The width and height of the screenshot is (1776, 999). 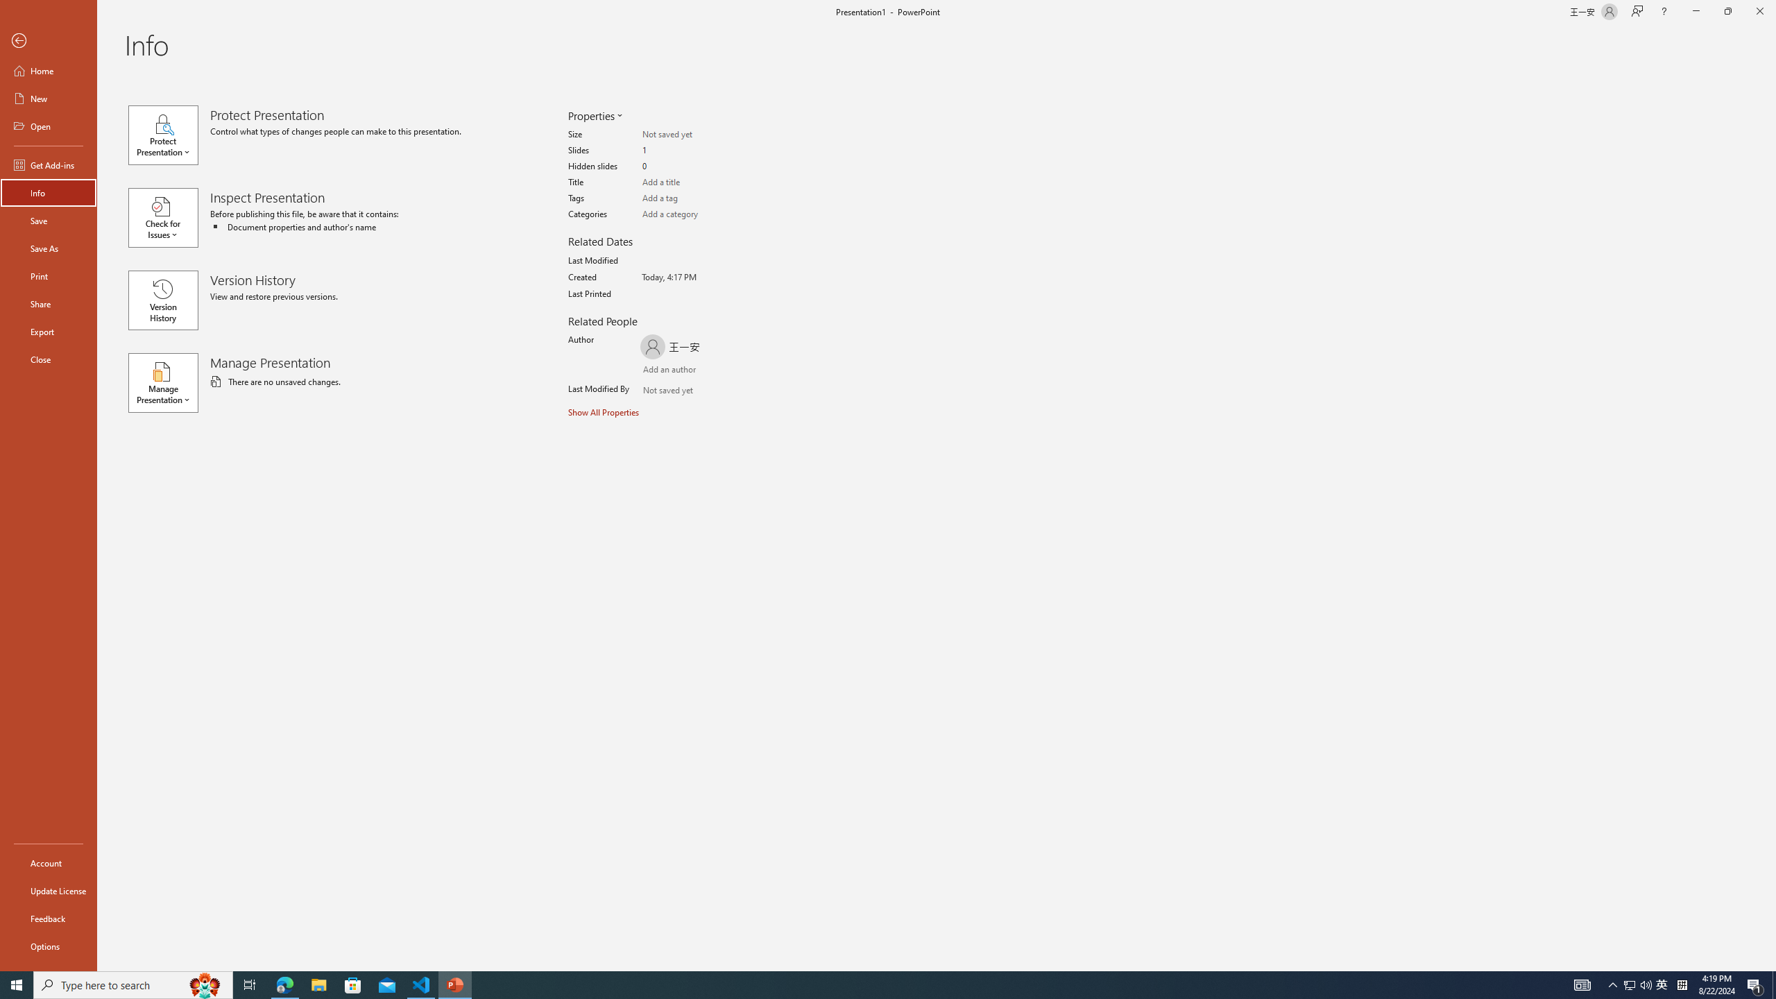 What do you see at coordinates (48, 919) in the screenshot?
I see `'Feedback'` at bounding box center [48, 919].